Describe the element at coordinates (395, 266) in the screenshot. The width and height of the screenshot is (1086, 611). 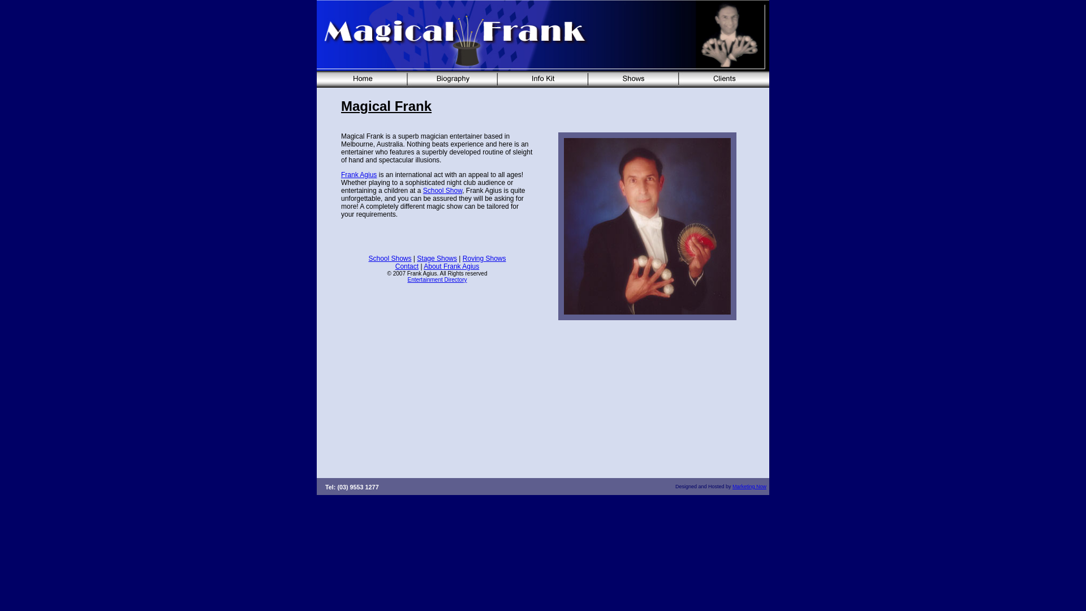
I see `'Contact'` at that location.